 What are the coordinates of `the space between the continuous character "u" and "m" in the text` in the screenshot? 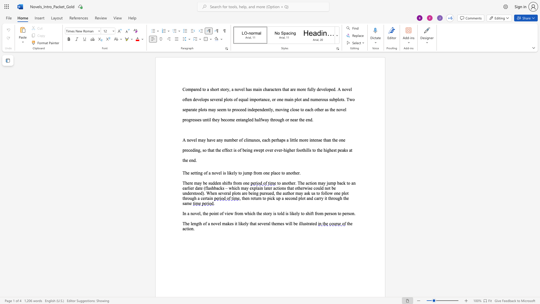 It's located at (229, 140).